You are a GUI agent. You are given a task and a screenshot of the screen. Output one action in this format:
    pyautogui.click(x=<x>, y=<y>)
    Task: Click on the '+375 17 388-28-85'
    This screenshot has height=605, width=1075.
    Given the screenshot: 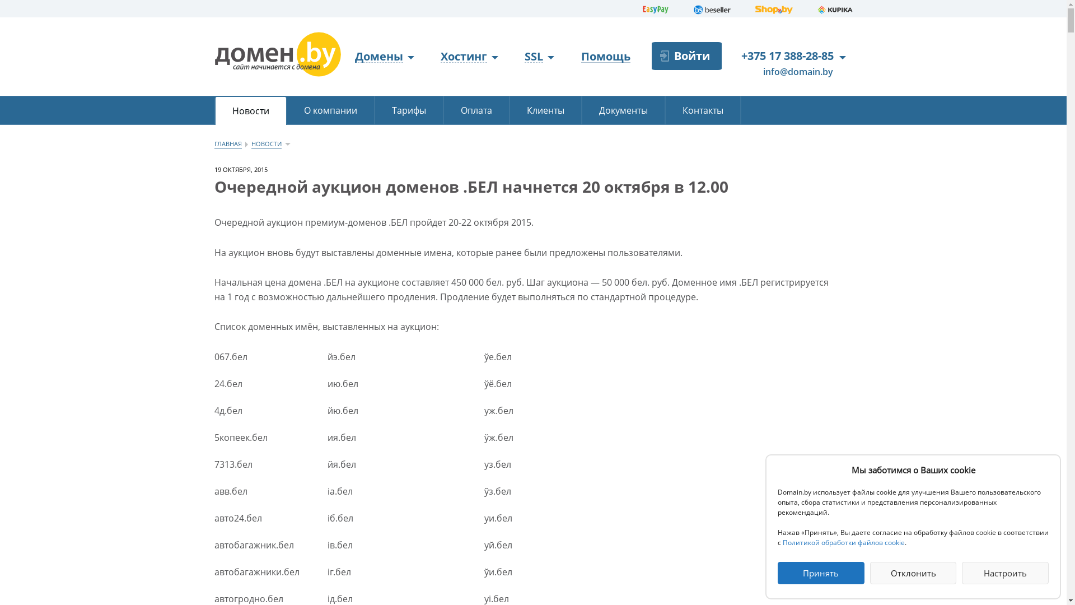 What is the action you would take?
    pyautogui.click(x=787, y=55)
    